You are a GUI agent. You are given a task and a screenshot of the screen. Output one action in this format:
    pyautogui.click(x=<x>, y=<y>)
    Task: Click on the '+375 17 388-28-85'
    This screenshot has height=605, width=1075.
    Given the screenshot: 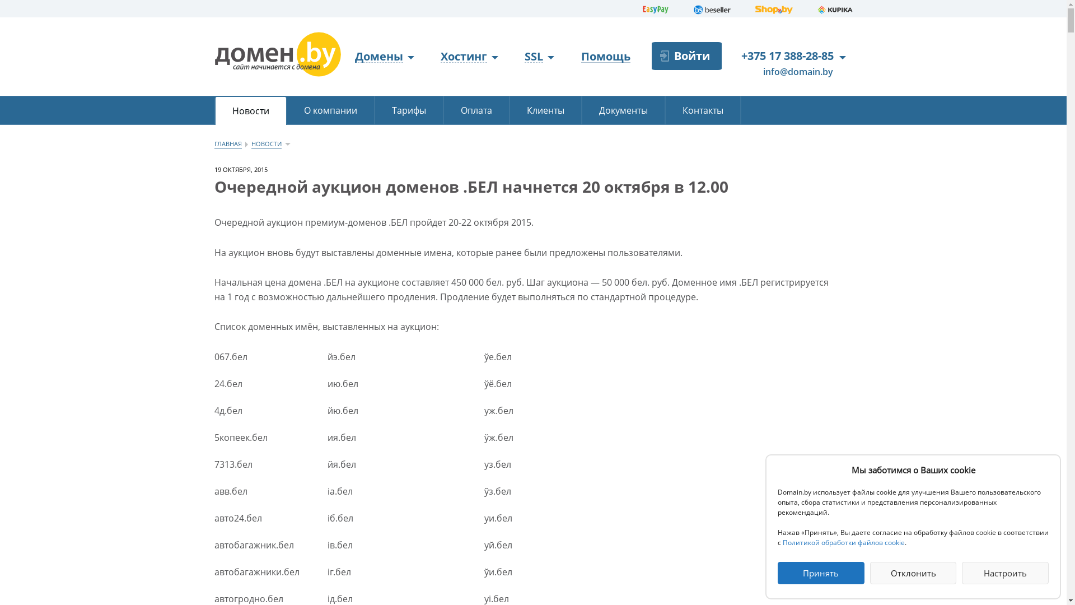 What is the action you would take?
    pyautogui.click(x=787, y=55)
    